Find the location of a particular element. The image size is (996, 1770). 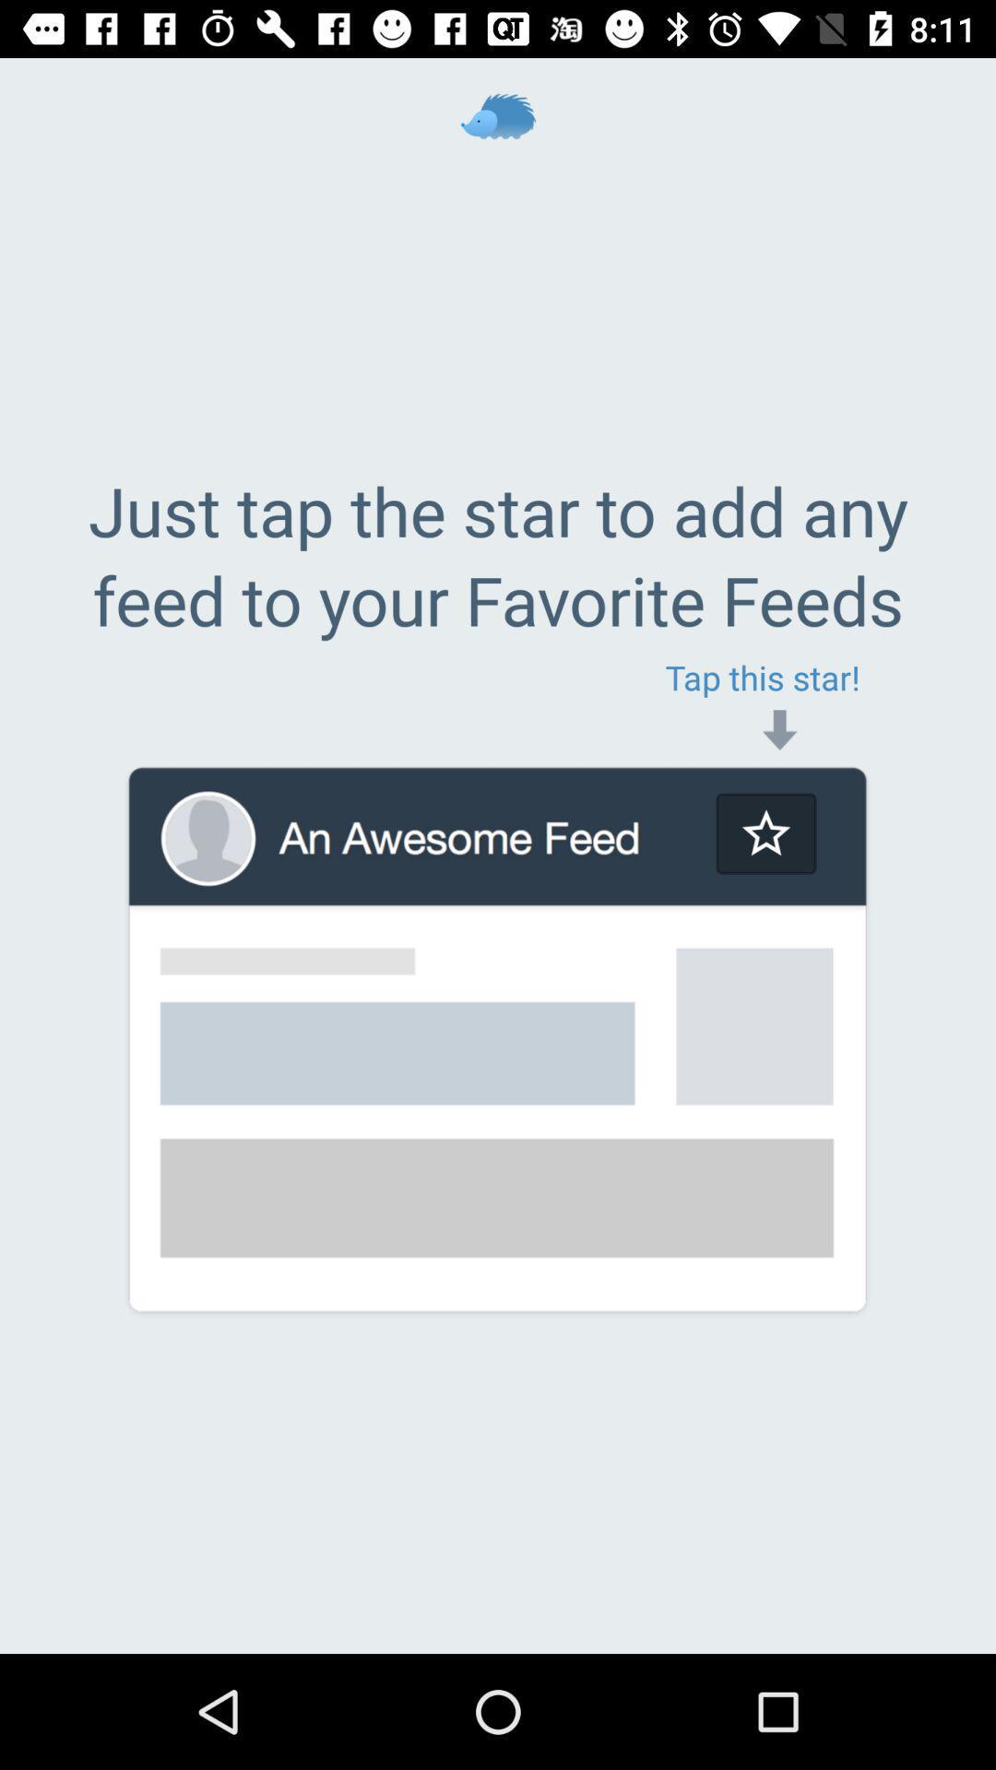

the star icon is located at coordinates (765, 832).